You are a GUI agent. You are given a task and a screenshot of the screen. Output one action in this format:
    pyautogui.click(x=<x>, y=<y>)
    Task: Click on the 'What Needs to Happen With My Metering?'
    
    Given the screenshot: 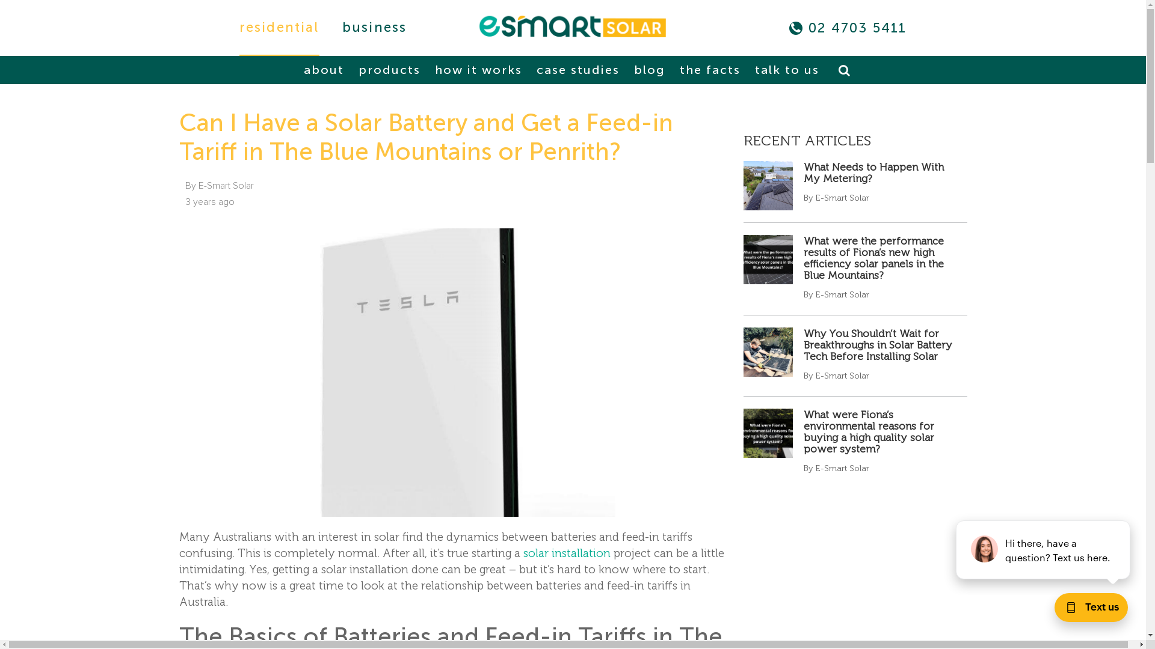 What is the action you would take?
    pyautogui.click(x=873, y=172)
    